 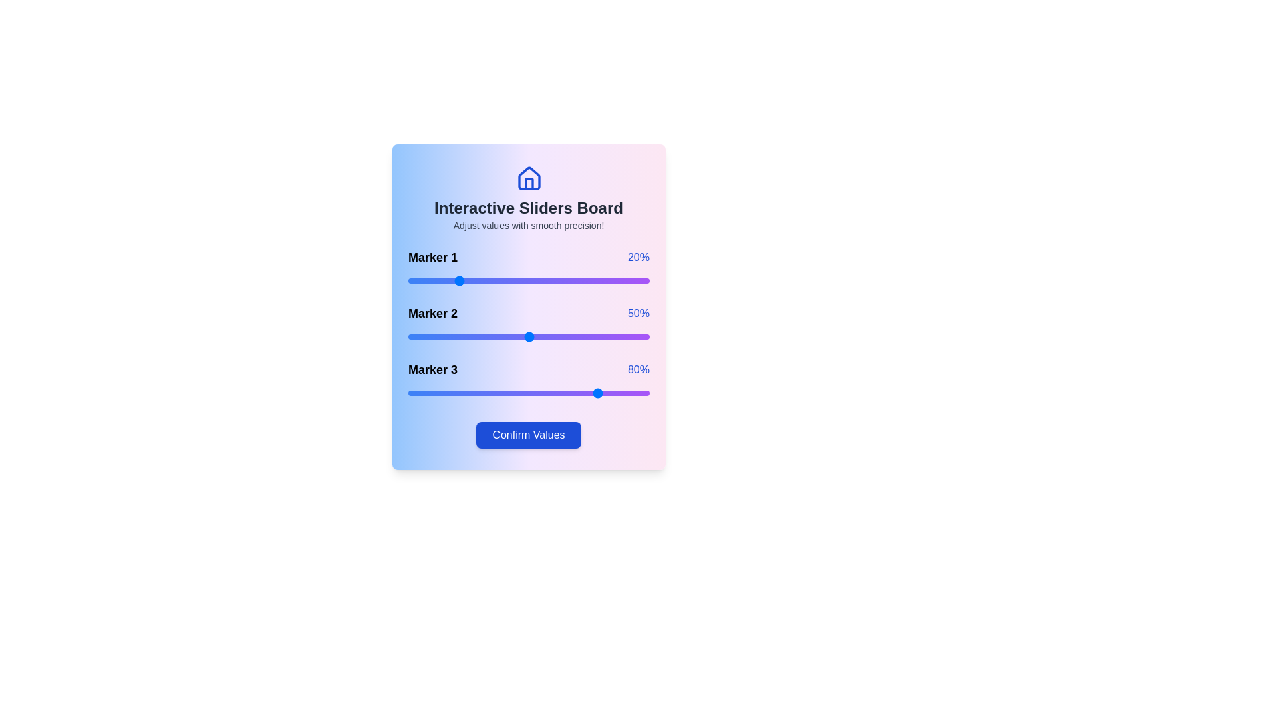 I want to click on the slider for Marker 1 to 70%, so click(x=577, y=280).